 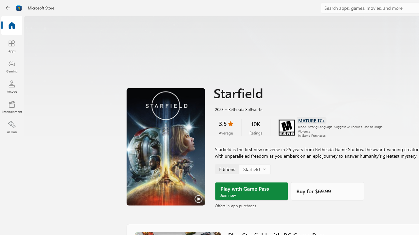 I want to click on 'Arcade', so click(x=11, y=86).